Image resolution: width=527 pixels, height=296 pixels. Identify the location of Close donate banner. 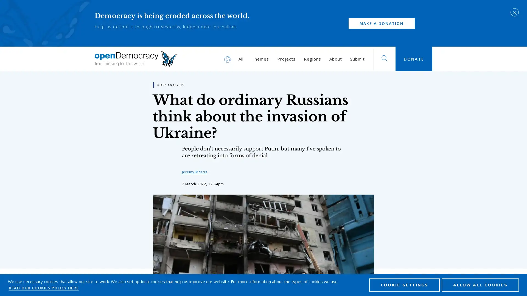
(515, 13).